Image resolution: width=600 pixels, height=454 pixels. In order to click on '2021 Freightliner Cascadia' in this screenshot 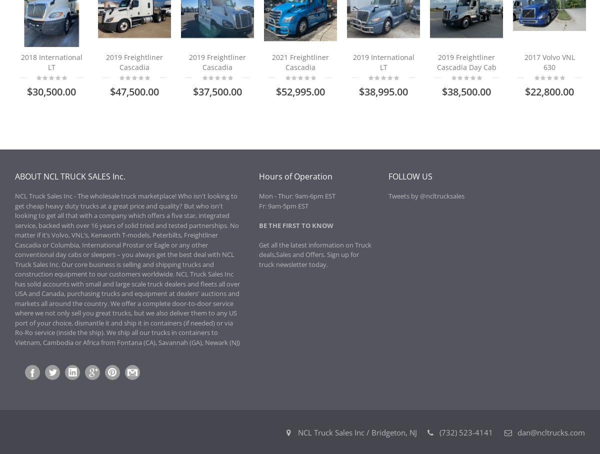, I will do `click(300, 62)`.